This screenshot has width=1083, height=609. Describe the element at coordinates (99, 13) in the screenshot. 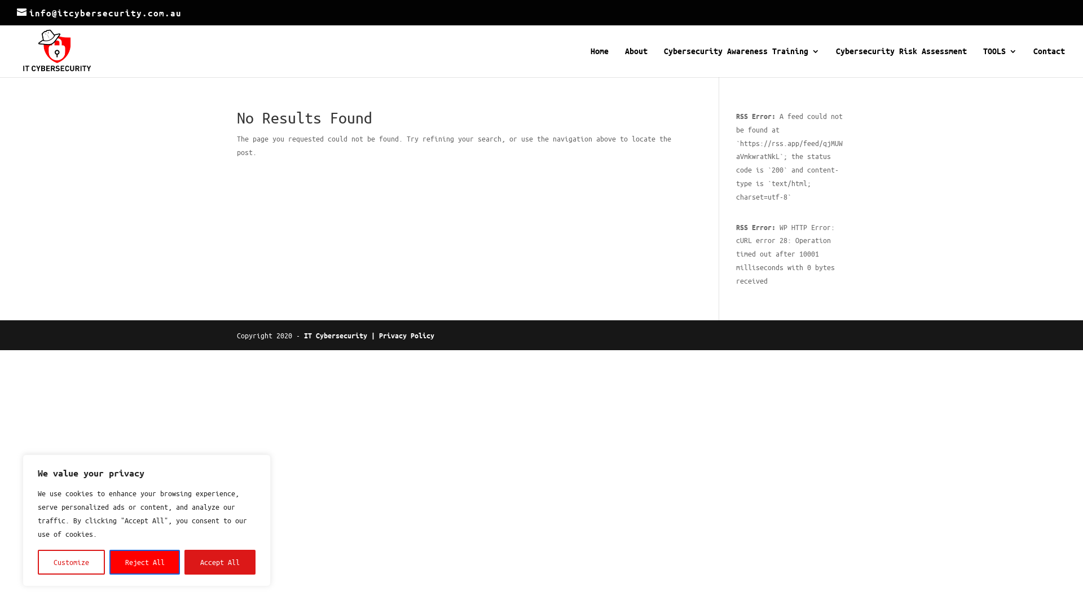

I see `'info@itcybersecurity.com.au'` at that location.